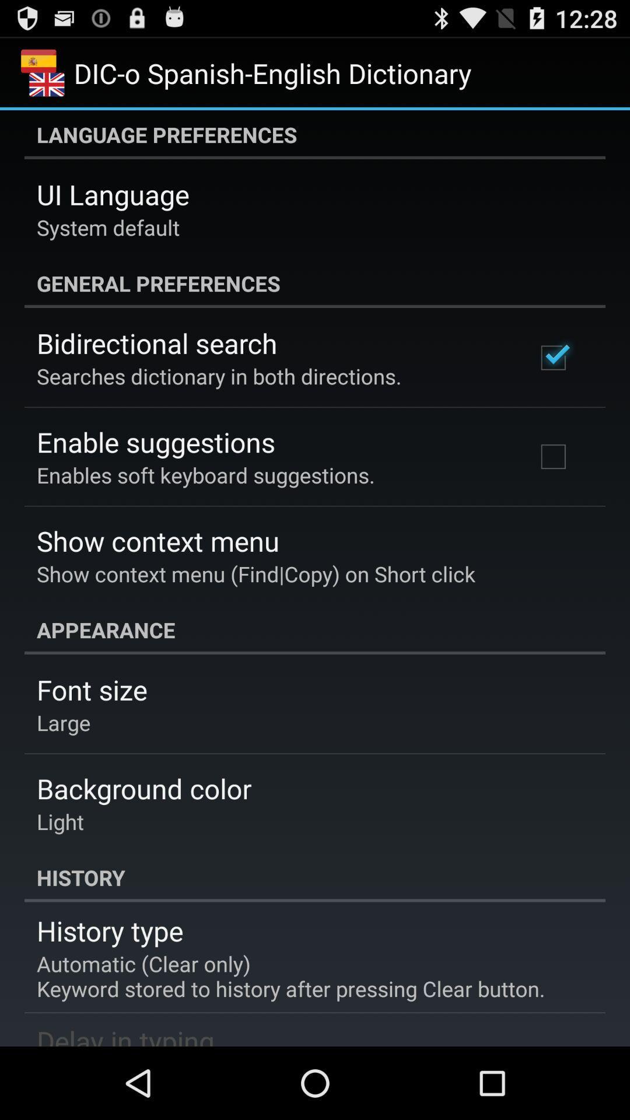  What do you see at coordinates (315, 283) in the screenshot?
I see `the app below system default app` at bounding box center [315, 283].